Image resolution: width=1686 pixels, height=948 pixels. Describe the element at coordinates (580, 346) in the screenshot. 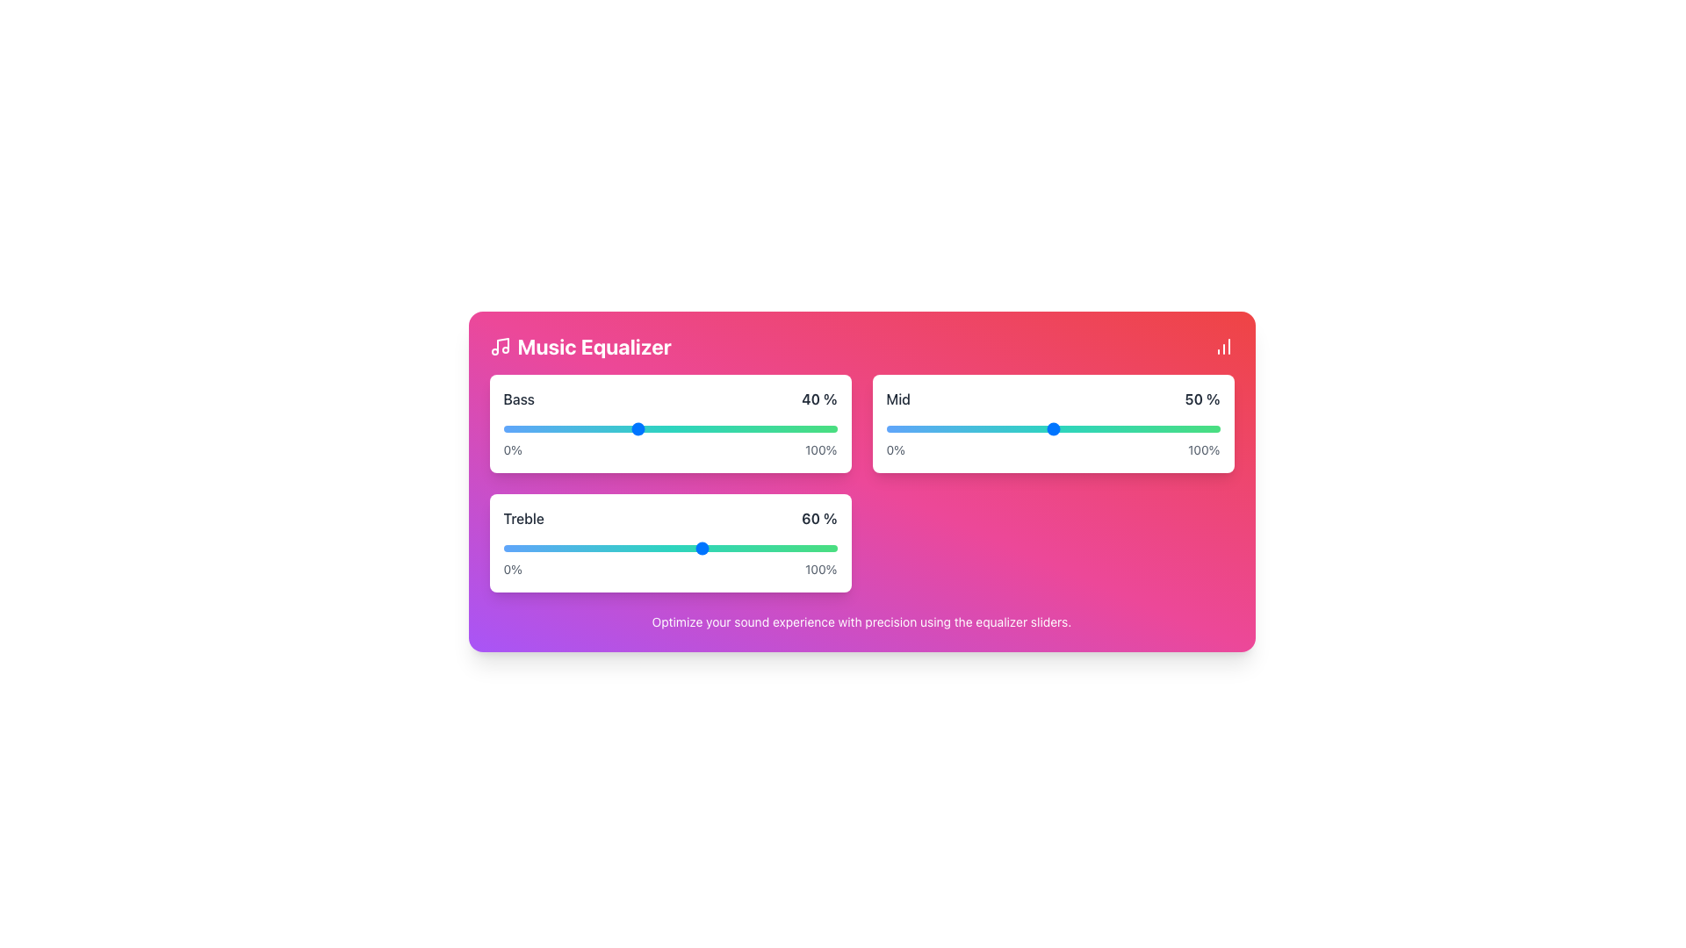

I see `the 'Music Equalizer' text label with icon, which features a bold, large font and a musical note icon, located at the top-left of the main card interface` at that location.